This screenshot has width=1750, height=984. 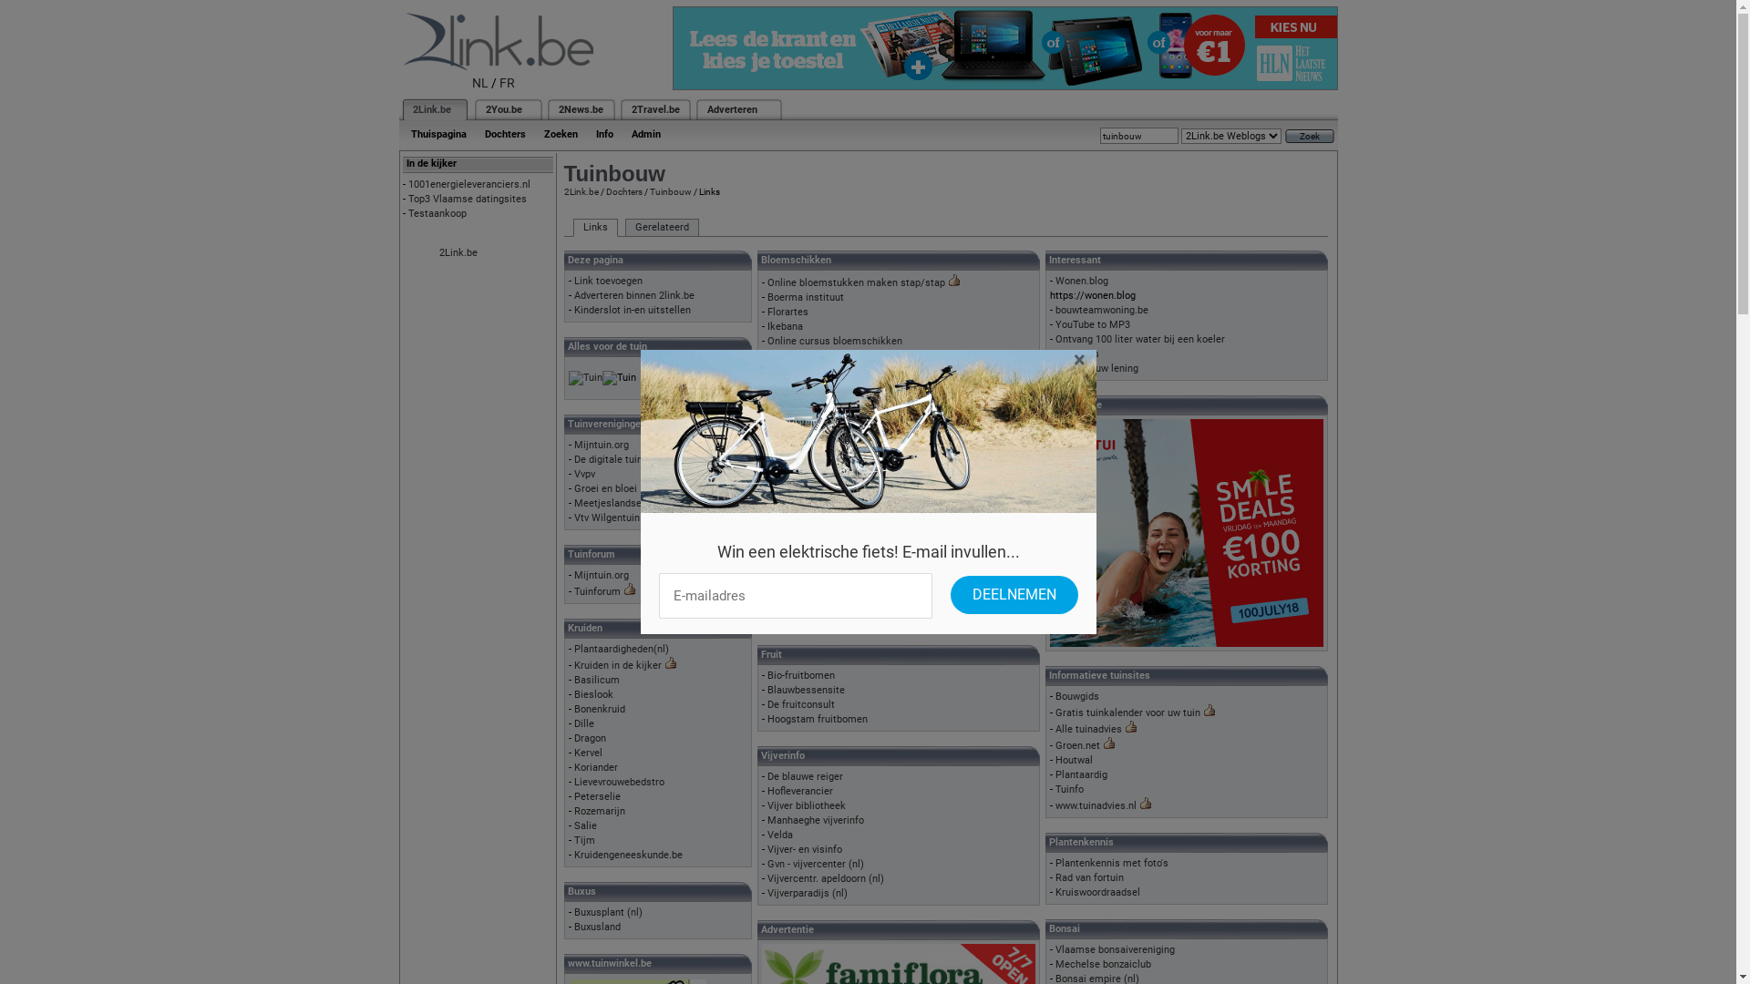 I want to click on 'De fruitconsult', so click(x=800, y=703).